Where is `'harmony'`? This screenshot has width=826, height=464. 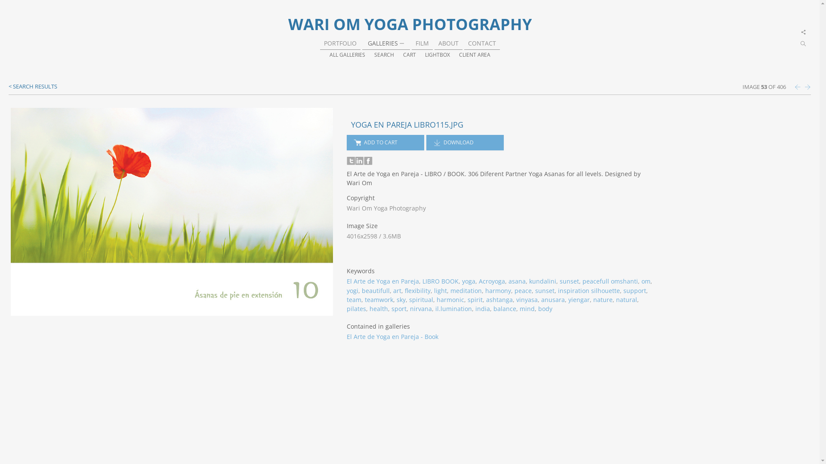
'harmony' is located at coordinates (498, 290).